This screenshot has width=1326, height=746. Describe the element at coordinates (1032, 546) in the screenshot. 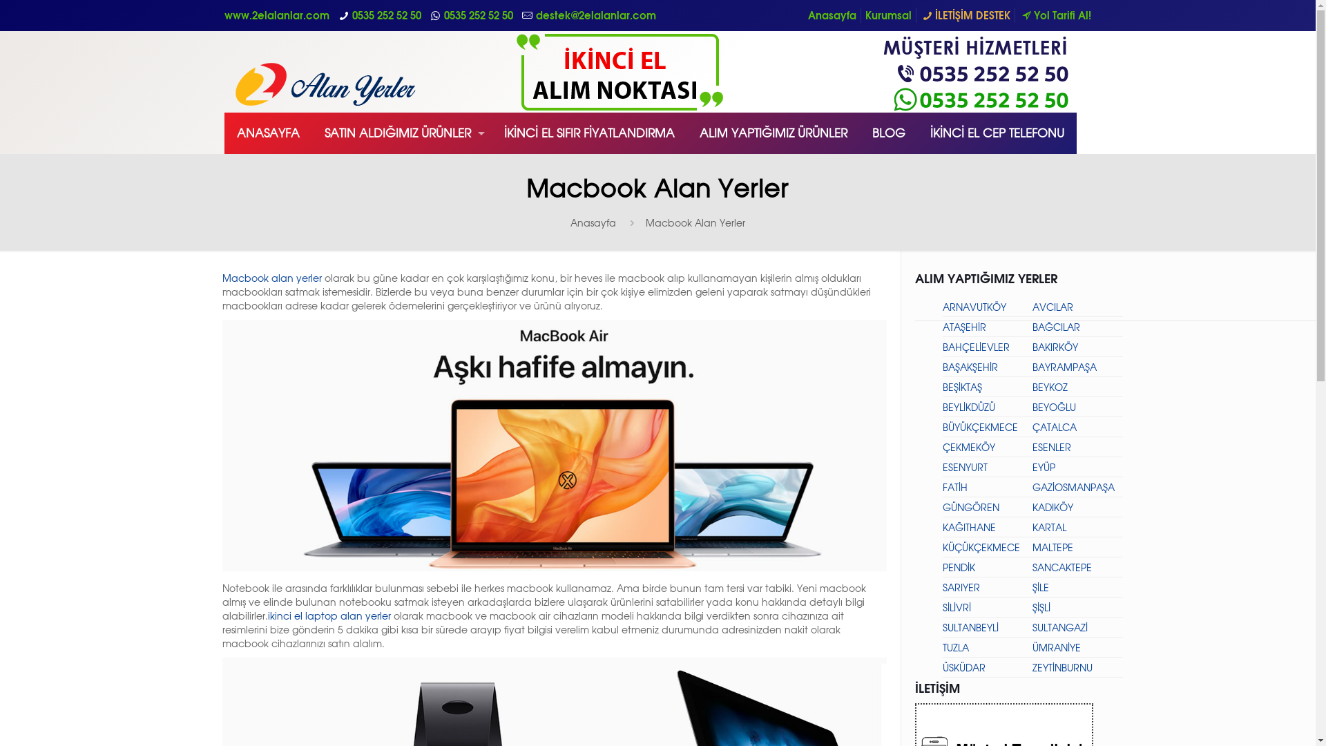

I see `'MALTEPE'` at that location.